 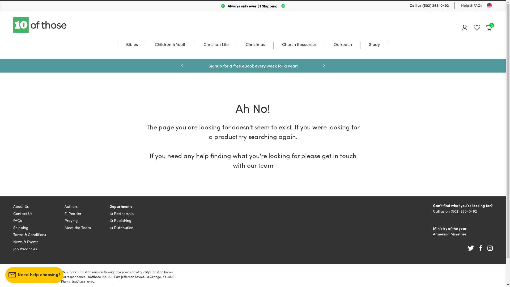 I want to click on 'Job Vacancies', so click(x=25, y=249).